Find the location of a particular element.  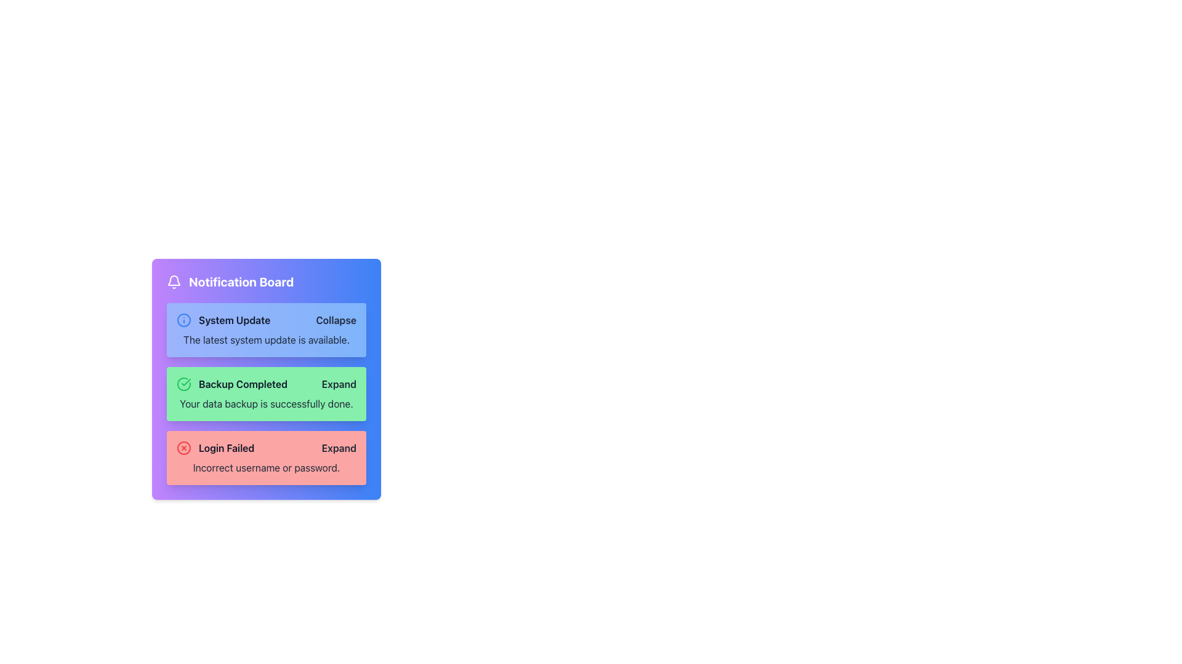

text from the Text Label that serves as the title or heading for the notification board, positioned right after the bell icon is located at coordinates (241, 282).